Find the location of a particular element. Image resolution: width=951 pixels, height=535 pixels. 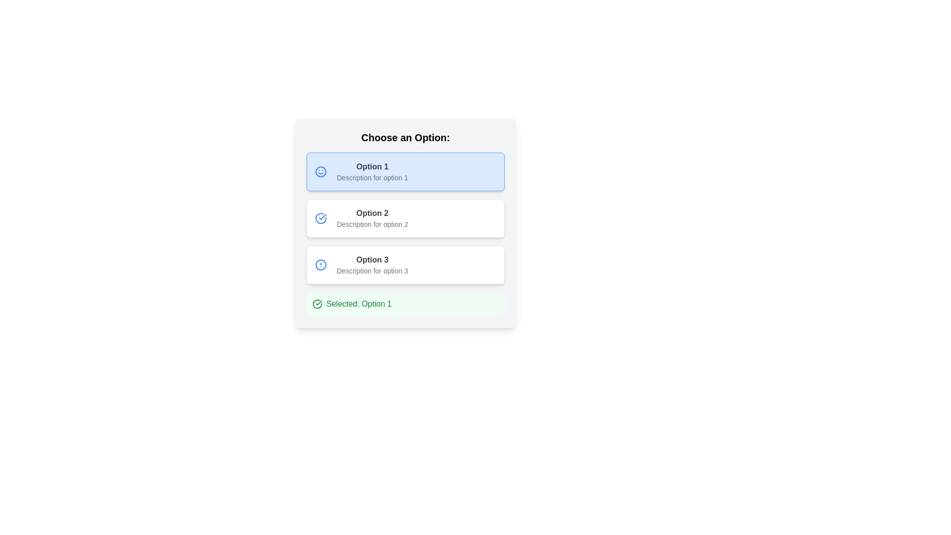

the icon in the 'Option 2' box to trigger visual feedback is located at coordinates (323, 217).